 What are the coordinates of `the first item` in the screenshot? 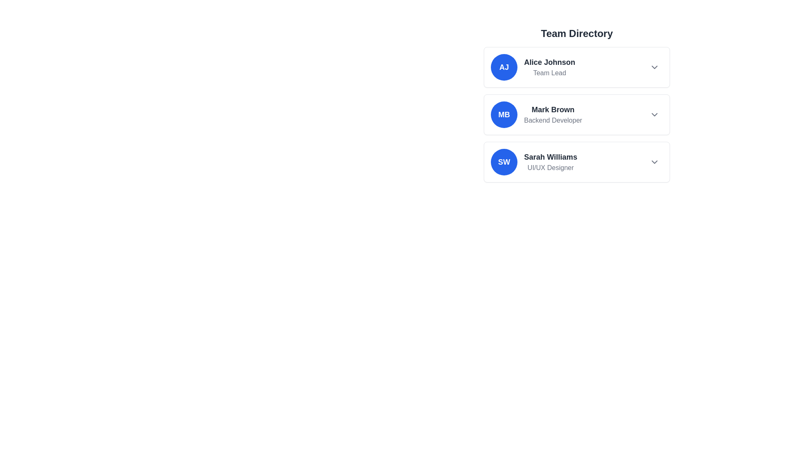 It's located at (533, 67).